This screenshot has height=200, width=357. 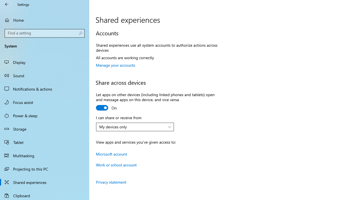 I want to click on 'Microsoft account', so click(x=112, y=154).